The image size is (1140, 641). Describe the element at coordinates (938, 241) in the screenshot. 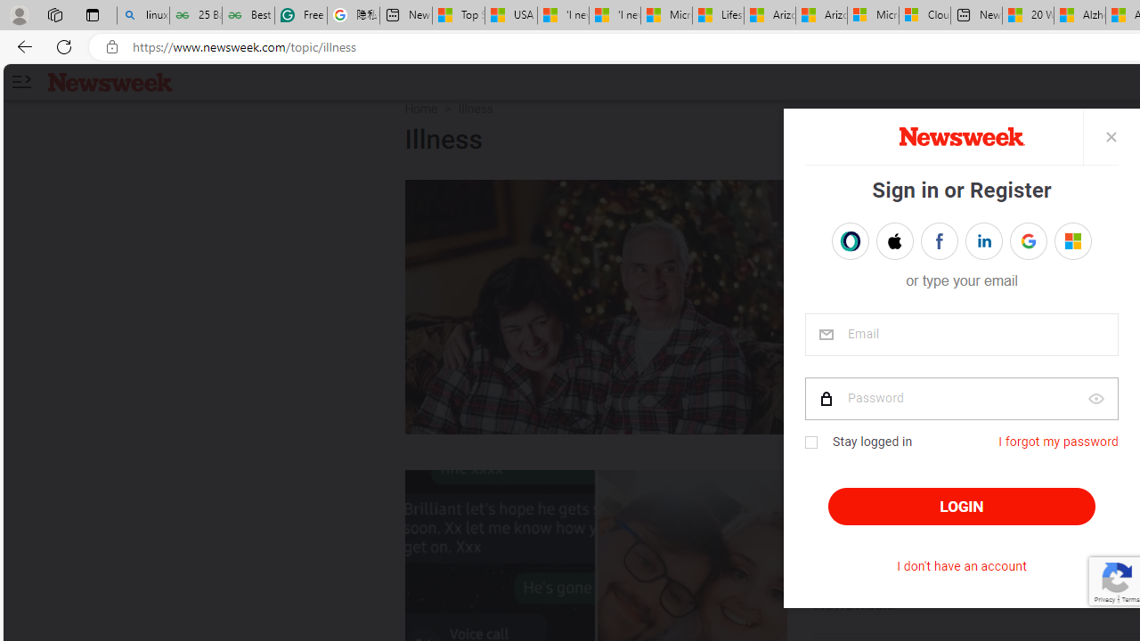

I see `'Sign in with FACEBOOK'` at that location.